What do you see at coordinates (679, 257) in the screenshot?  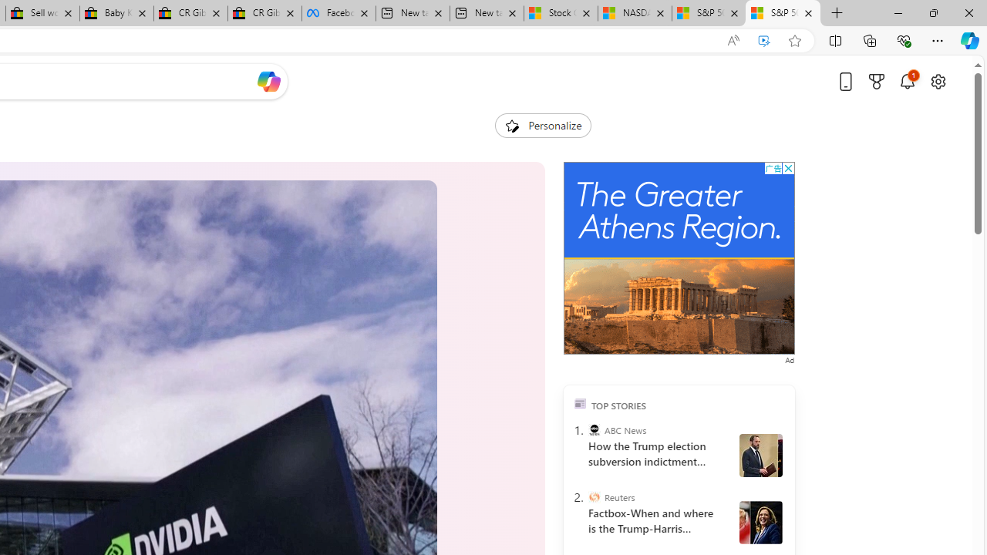 I see `'Advertisement'` at bounding box center [679, 257].